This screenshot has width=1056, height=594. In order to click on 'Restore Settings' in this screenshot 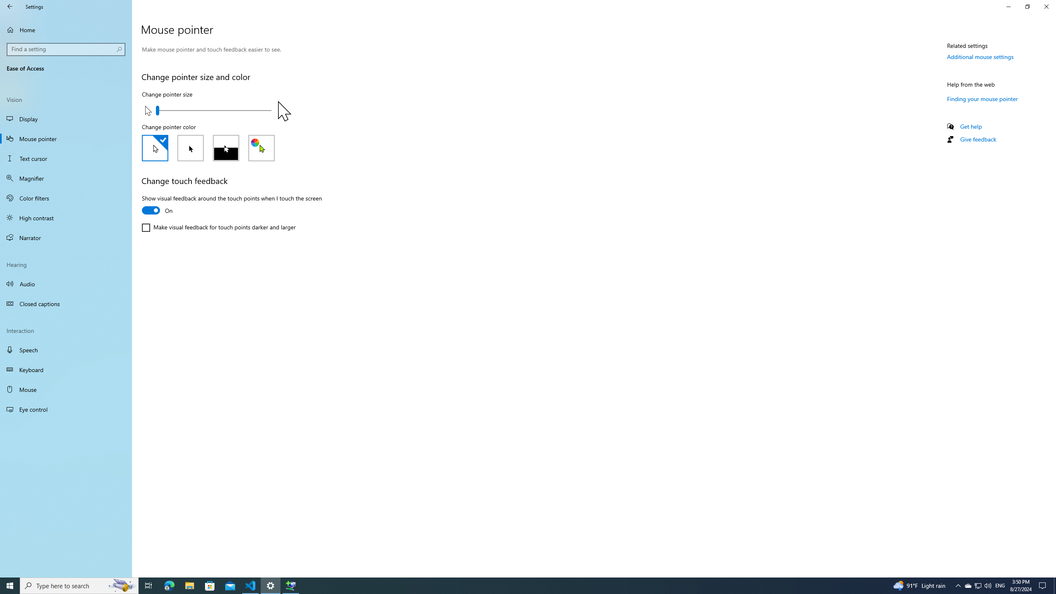, I will do `click(1027, 6)`.